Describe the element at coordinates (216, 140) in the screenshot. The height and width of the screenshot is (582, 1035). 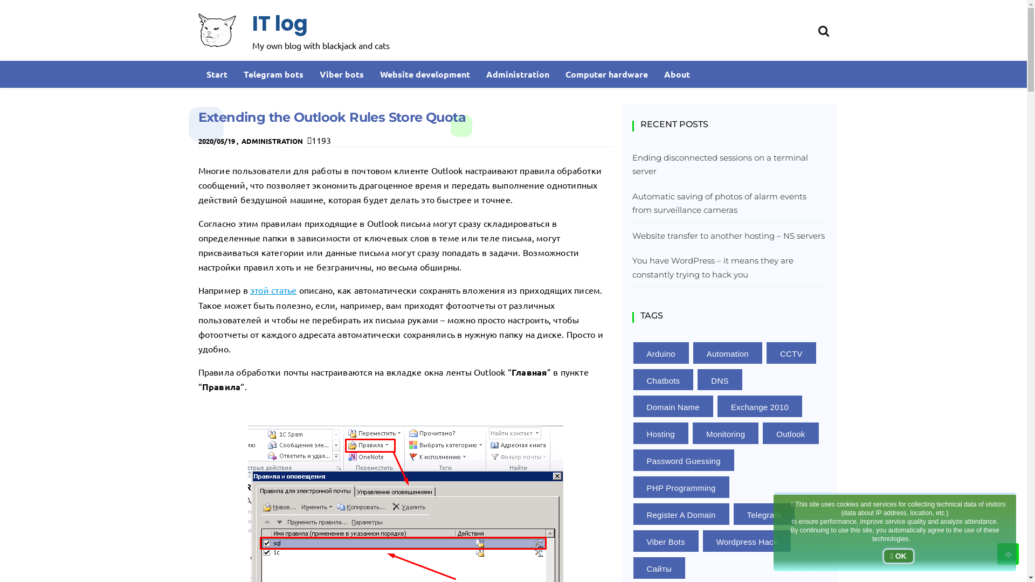
I see `'2020/05/19'` at that location.